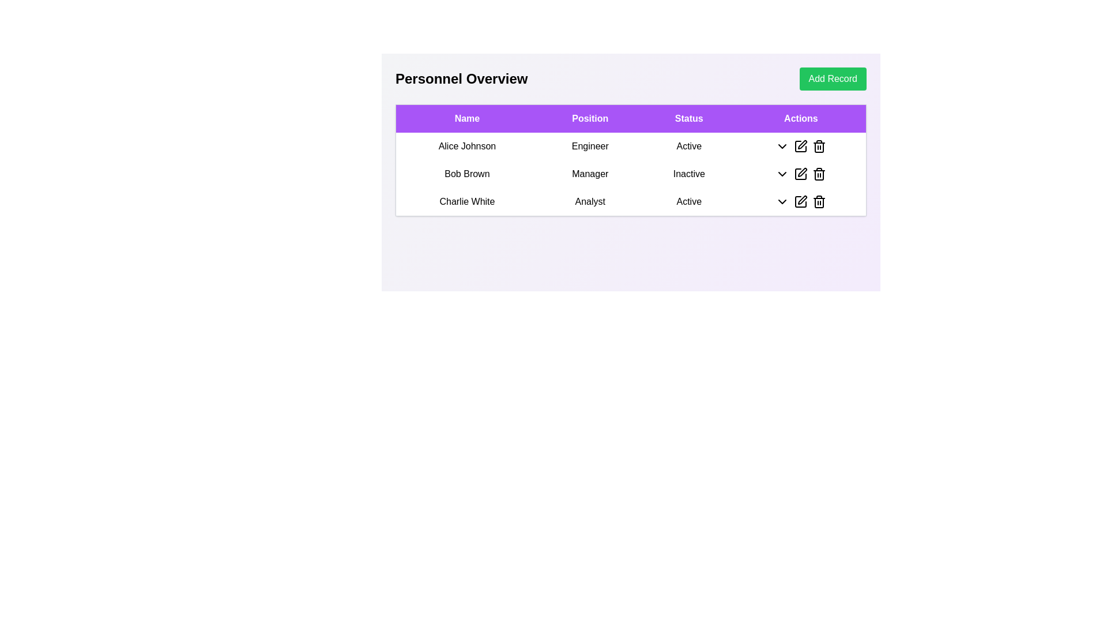  I want to click on the text display showing 'Charlie White' in the first cell of the third row under the 'Name' column in the data table, so click(467, 201).